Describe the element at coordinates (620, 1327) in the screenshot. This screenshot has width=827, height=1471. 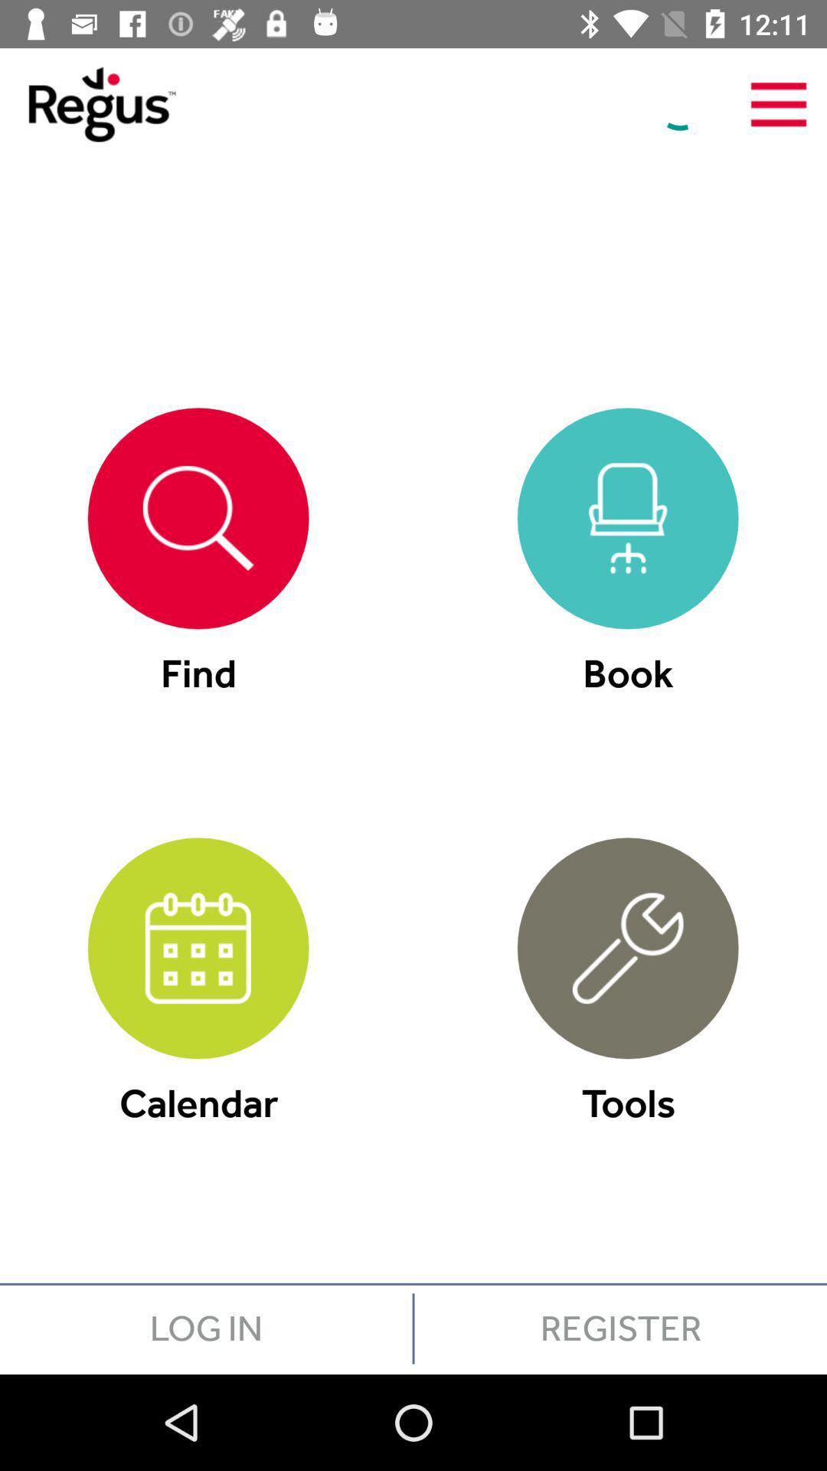
I see `icon below the tools icon` at that location.